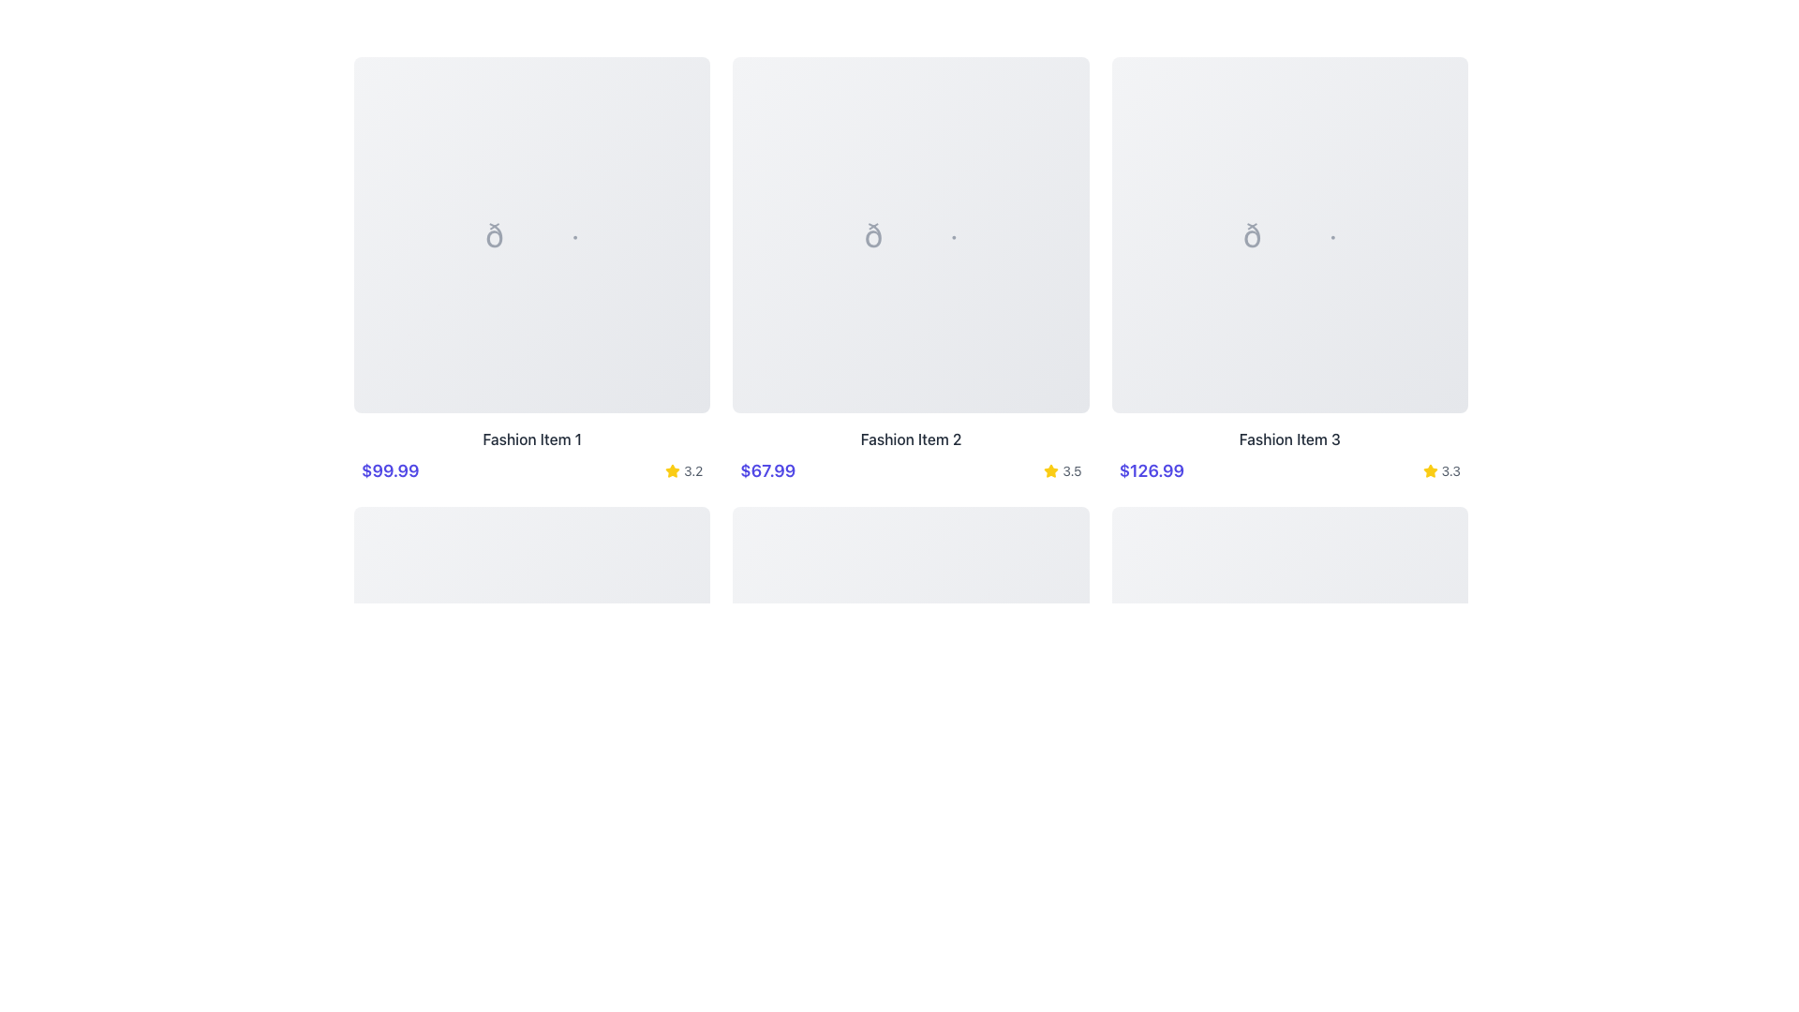  Describe the element at coordinates (1429, 470) in the screenshot. I see `the yellow star icon located next to the rating value '3.5' for the item titled 'Fashion Item 3'` at that location.